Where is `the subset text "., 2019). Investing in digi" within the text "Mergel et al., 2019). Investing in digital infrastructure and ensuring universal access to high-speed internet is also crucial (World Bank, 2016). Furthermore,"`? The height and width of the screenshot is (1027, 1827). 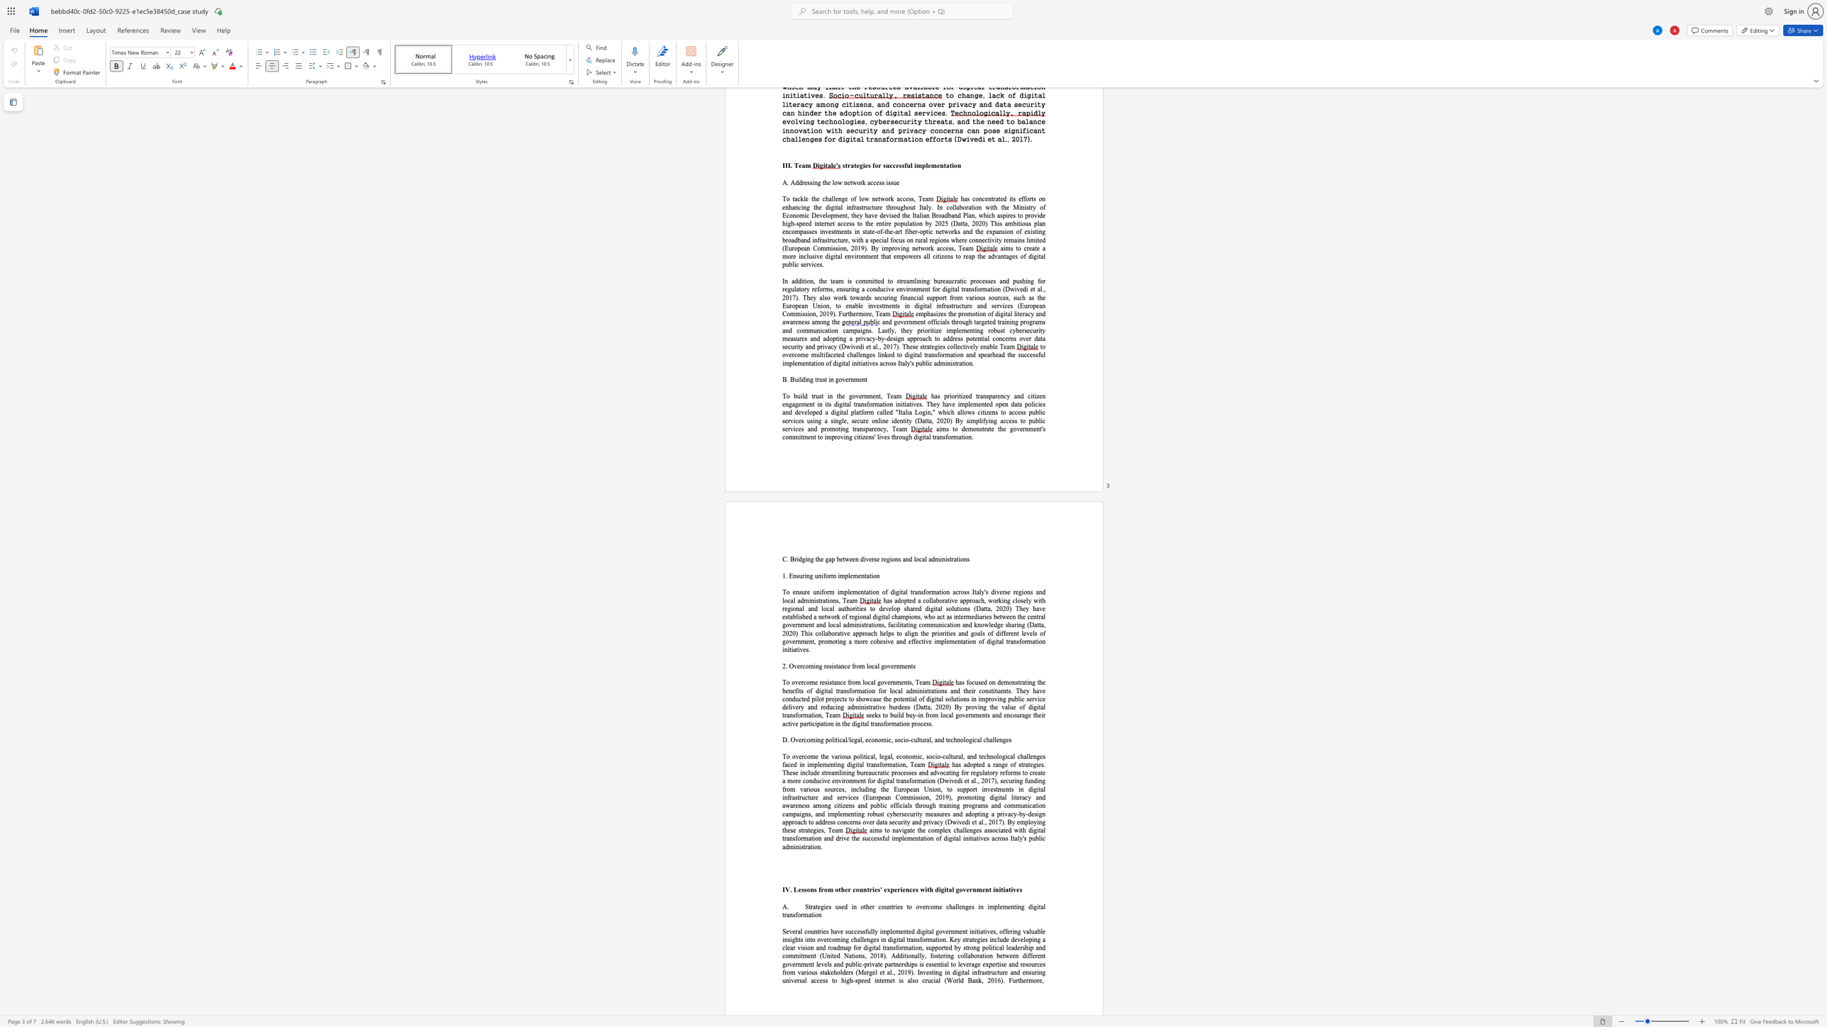 the subset text "., 2019). Investing in digi" within the text "Mergel et al., 2019). Investing in digital infrastructure and ensuring universal access to high-speed internet is also crucial (World Bank, 2016). Furthermore," is located at coordinates (891, 972).